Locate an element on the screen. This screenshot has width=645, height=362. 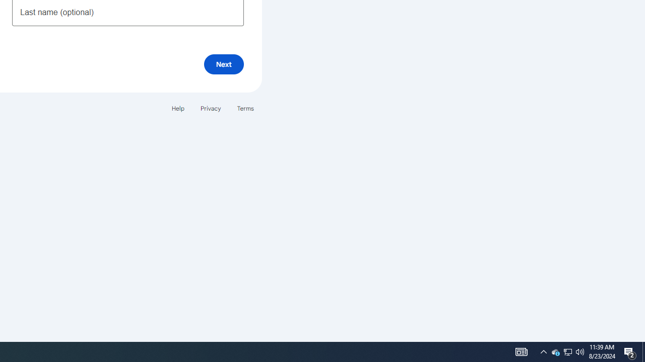
'Help' is located at coordinates (177, 108).